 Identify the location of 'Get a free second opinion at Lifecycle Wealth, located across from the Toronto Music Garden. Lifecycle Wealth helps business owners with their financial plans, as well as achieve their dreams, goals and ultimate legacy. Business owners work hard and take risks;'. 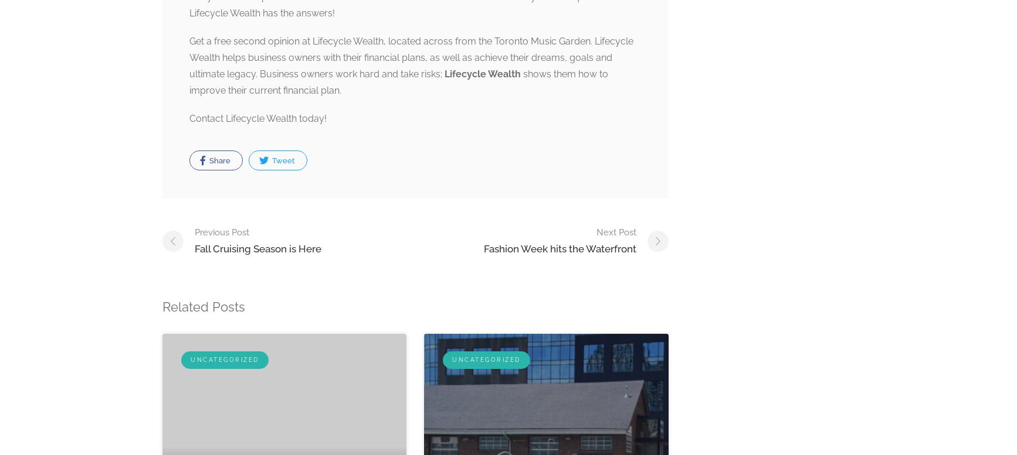
(411, 57).